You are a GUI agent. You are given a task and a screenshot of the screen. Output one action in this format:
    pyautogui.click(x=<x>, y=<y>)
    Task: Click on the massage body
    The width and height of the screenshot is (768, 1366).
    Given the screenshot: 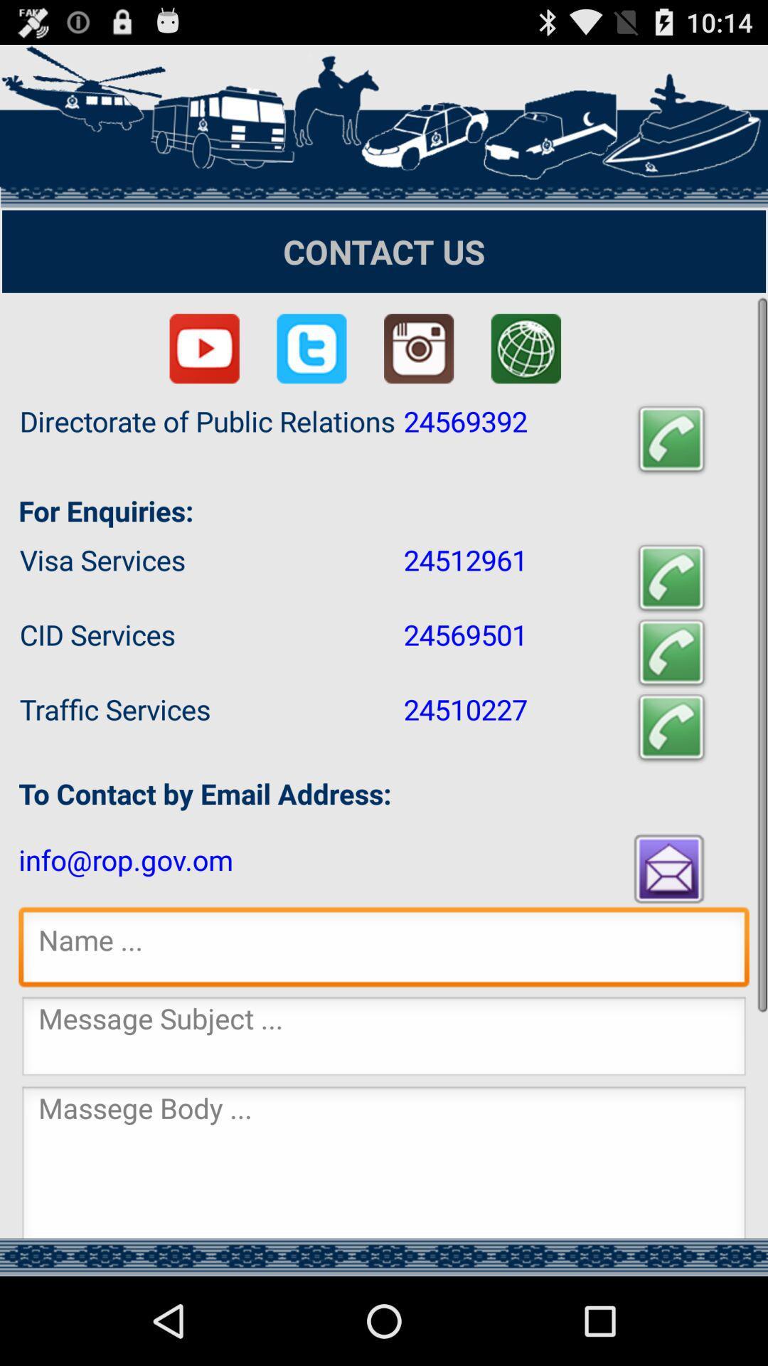 What is the action you would take?
    pyautogui.click(x=384, y=1162)
    